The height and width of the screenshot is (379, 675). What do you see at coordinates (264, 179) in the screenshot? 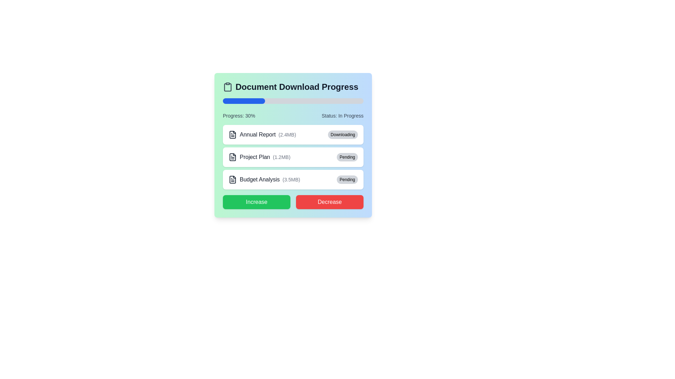
I see `the List Item with Icon and Text labeled 'Budget Analysis'` at bounding box center [264, 179].